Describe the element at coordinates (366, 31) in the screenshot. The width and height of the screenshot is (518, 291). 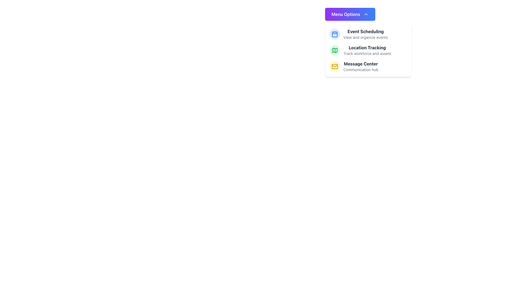
I see `the bold text label reading 'Event Scheduling' located in the dropdown interface under the 'Menu Options' header` at that location.